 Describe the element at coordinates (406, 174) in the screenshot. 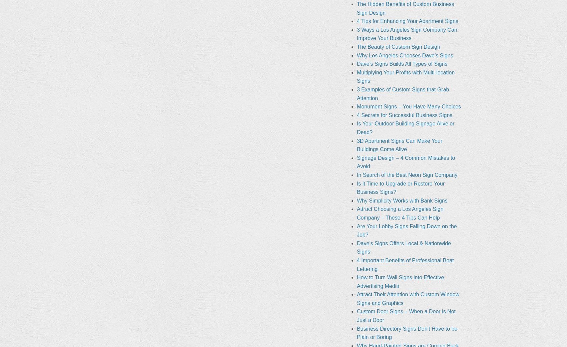

I see `'In Search of the Best Neon Sign Company'` at that location.